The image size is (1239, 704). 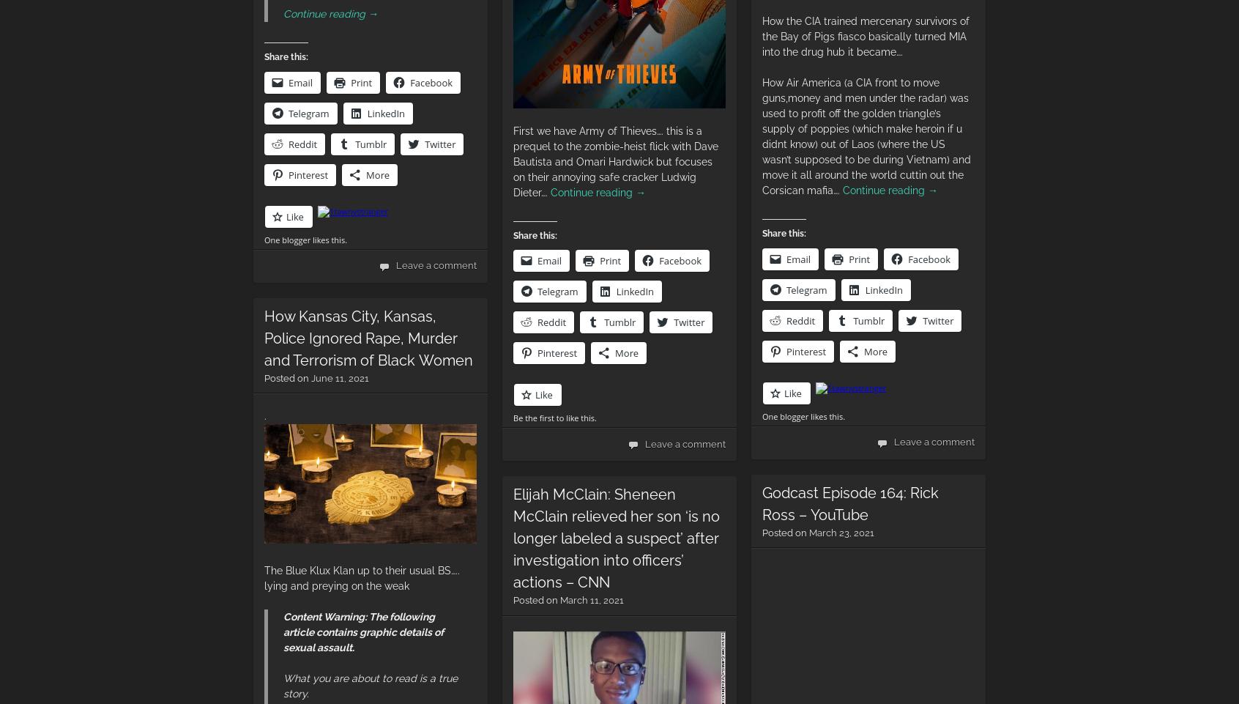 I want to click on 'What you are about to read is a true story.', so click(x=371, y=686).